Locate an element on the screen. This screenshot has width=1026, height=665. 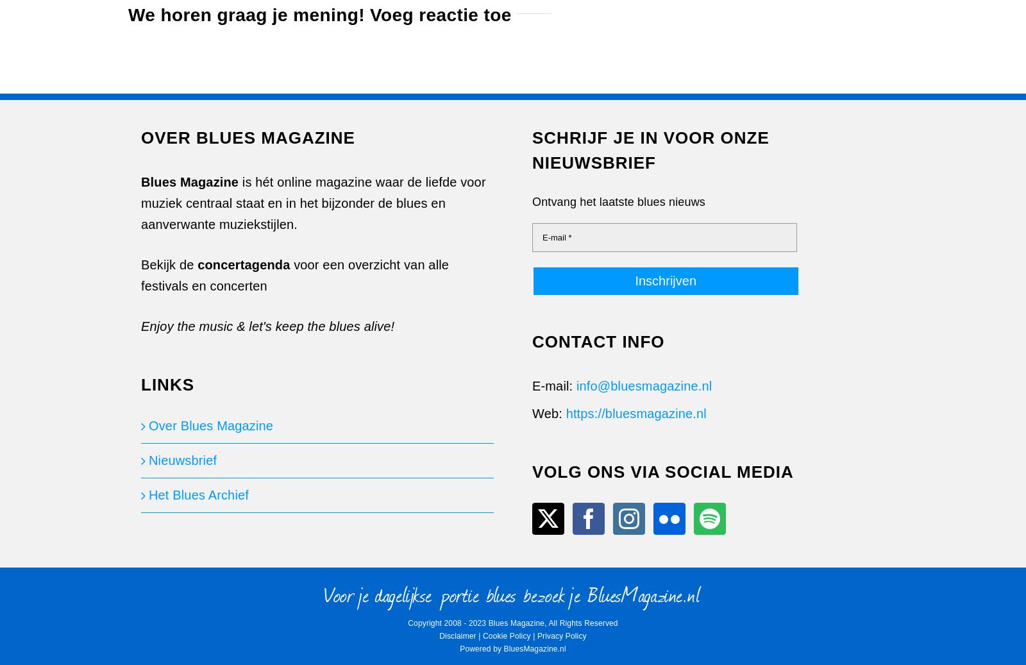
'Nieuwsbrief' is located at coordinates (182, 460).